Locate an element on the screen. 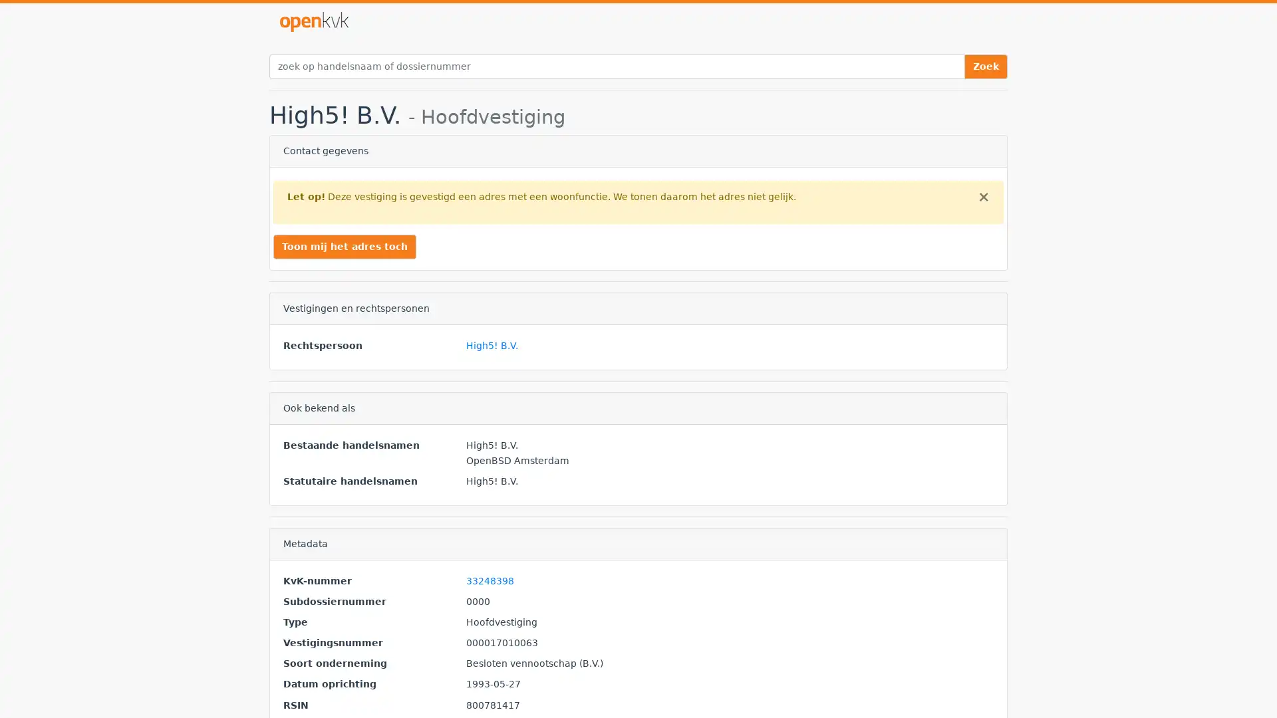  Toon mij het adres toch is located at coordinates (345, 246).